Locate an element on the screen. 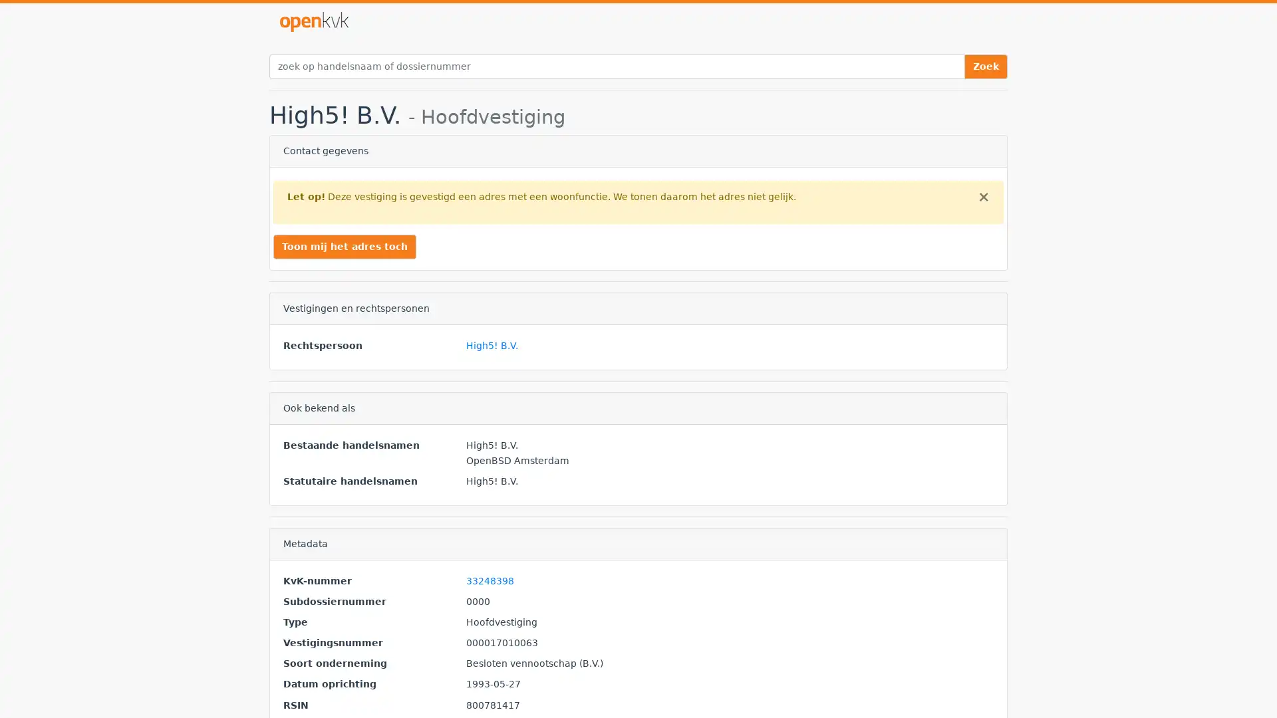  Toon mij het adres toch is located at coordinates (345, 246).